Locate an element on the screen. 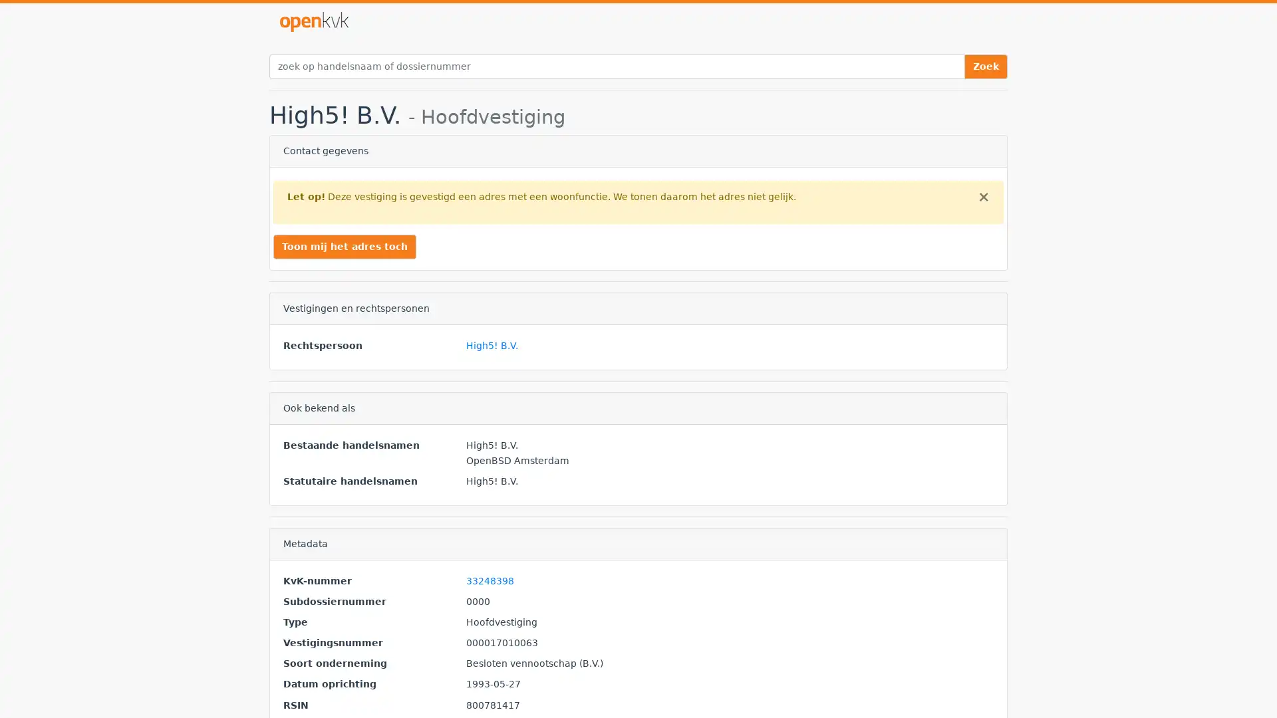  Toon mij het adres toch is located at coordinates (345, 246).